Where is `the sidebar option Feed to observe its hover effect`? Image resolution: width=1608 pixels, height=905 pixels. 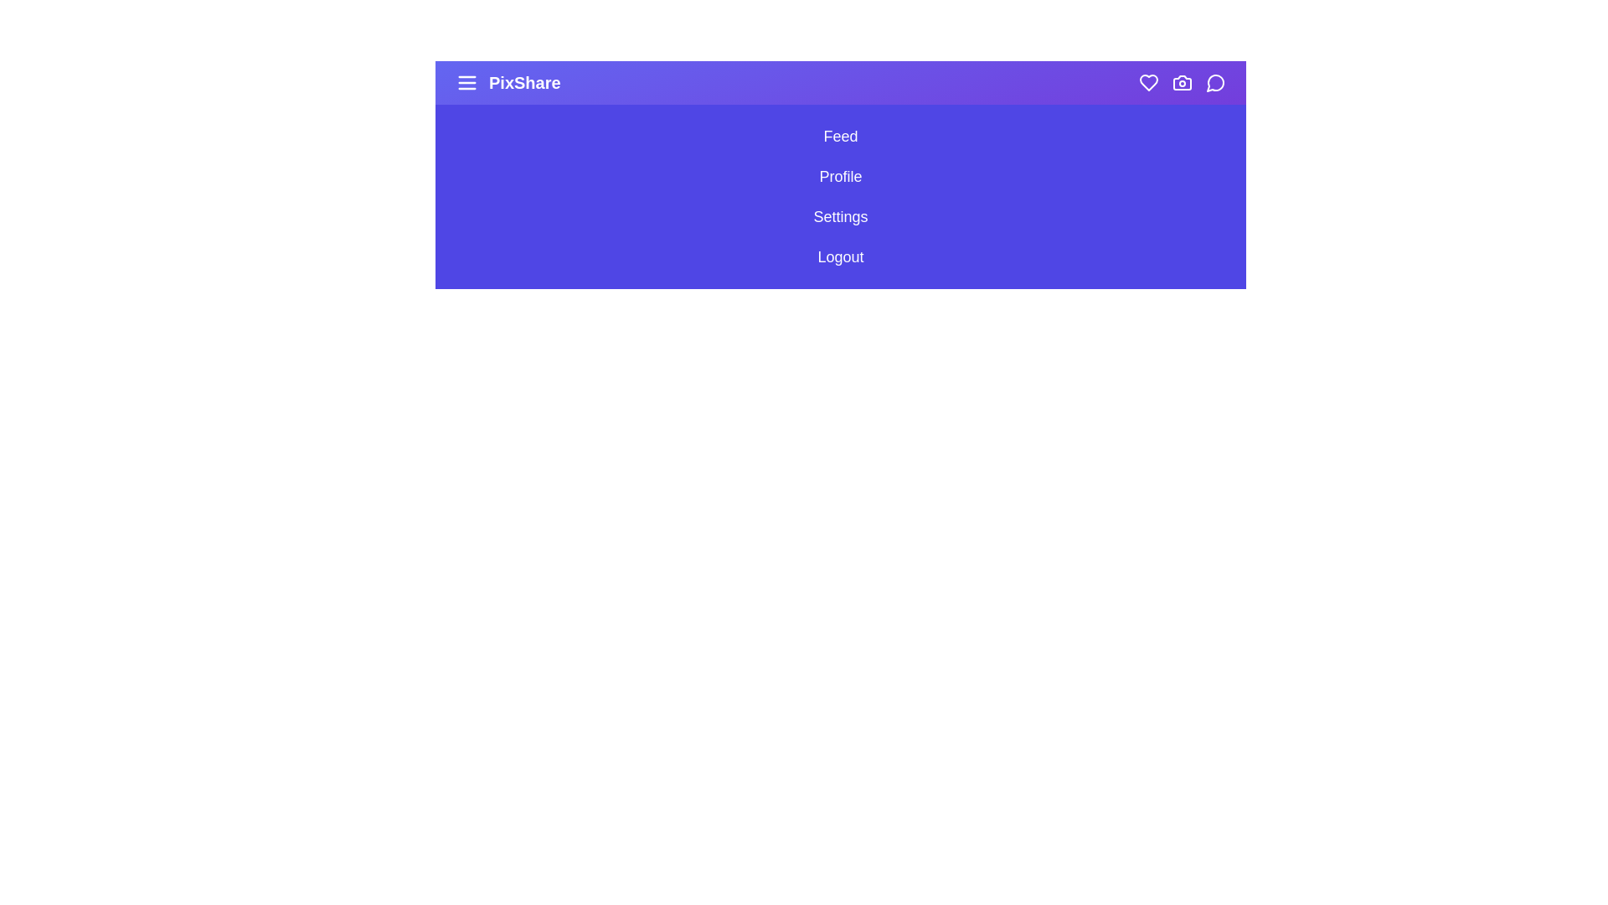
the sidebar option Feed to observe its hover effect is located at coordinates (840, 135).